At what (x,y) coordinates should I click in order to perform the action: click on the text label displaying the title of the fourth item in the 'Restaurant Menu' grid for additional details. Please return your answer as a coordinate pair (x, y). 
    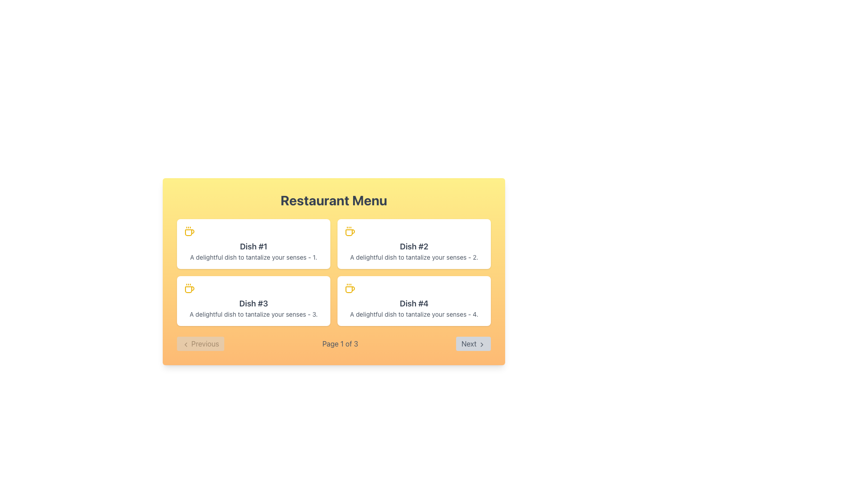
    Looking at the image, I should click on (414, 303).